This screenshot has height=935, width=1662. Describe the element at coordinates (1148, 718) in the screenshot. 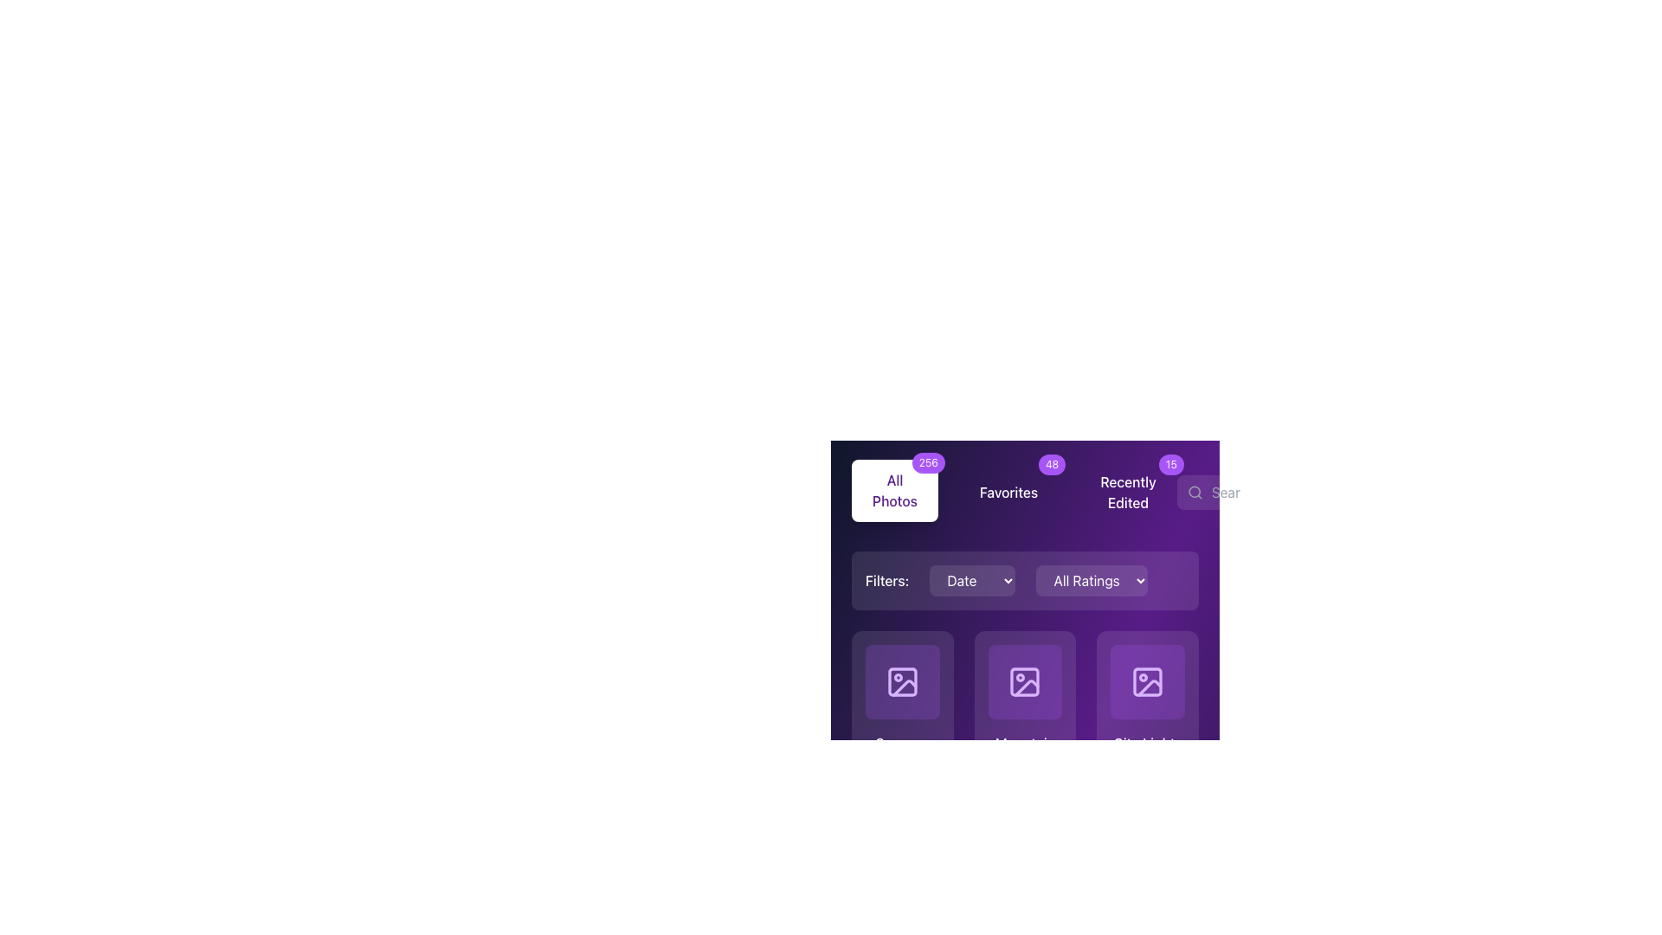

I see `the second circular button in a horizontal row of three buttons used for marking or labeling an item within a content grid or gallery` at that location.